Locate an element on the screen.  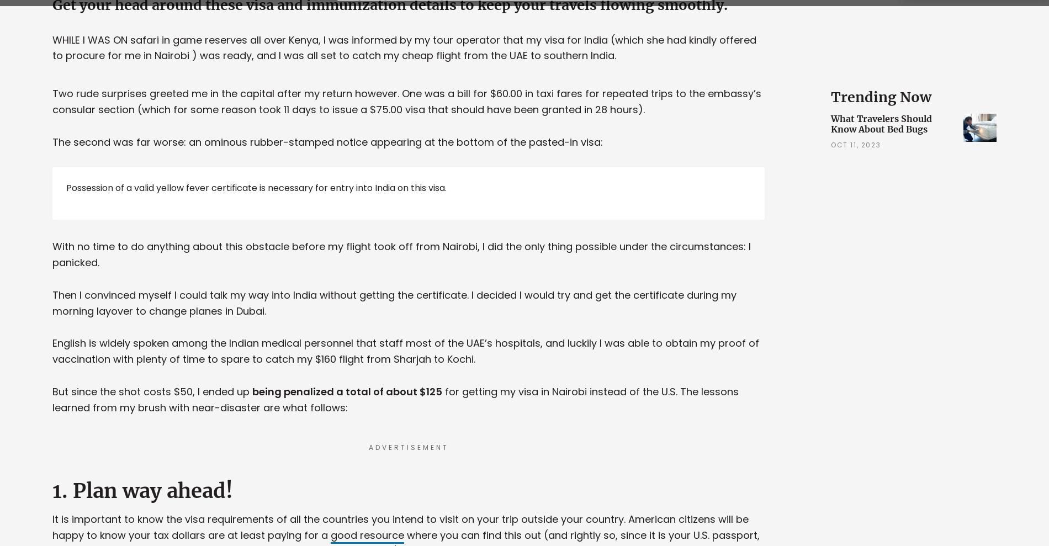
'for getting my visa in Nairobi instead of the U.S. The lessons learned from my brush with near-disaster are what follows:' is located at coordinates (395, 399).